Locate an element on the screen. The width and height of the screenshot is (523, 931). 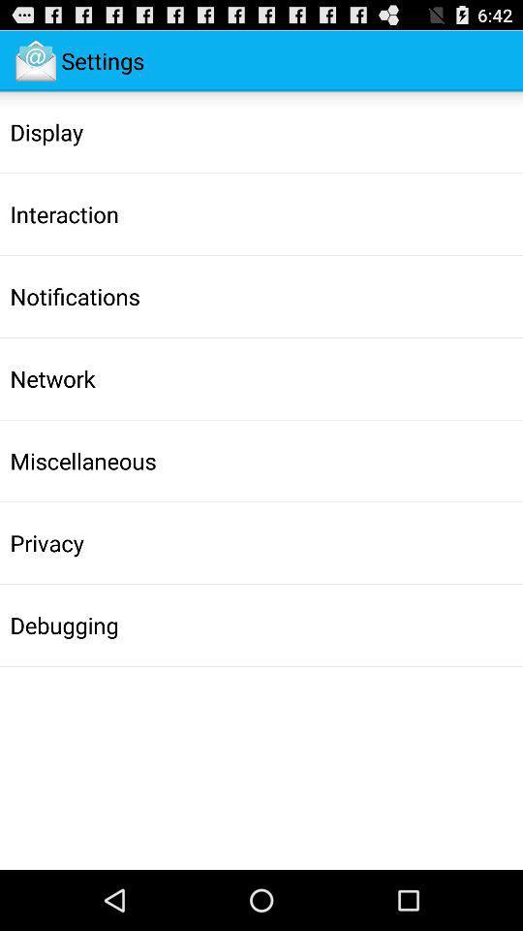
the notifications is located at coordinates (74, 296).